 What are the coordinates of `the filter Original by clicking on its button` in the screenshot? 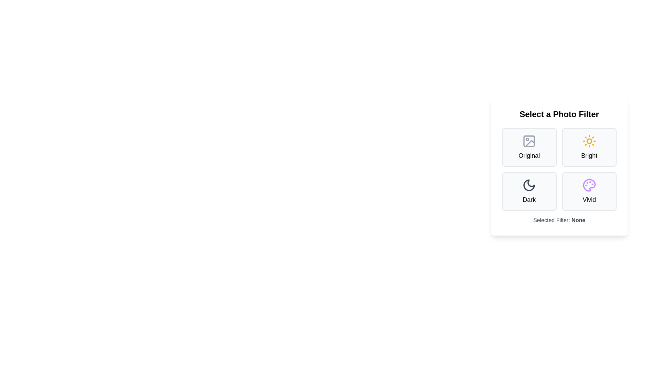 It's located at (529, 147).